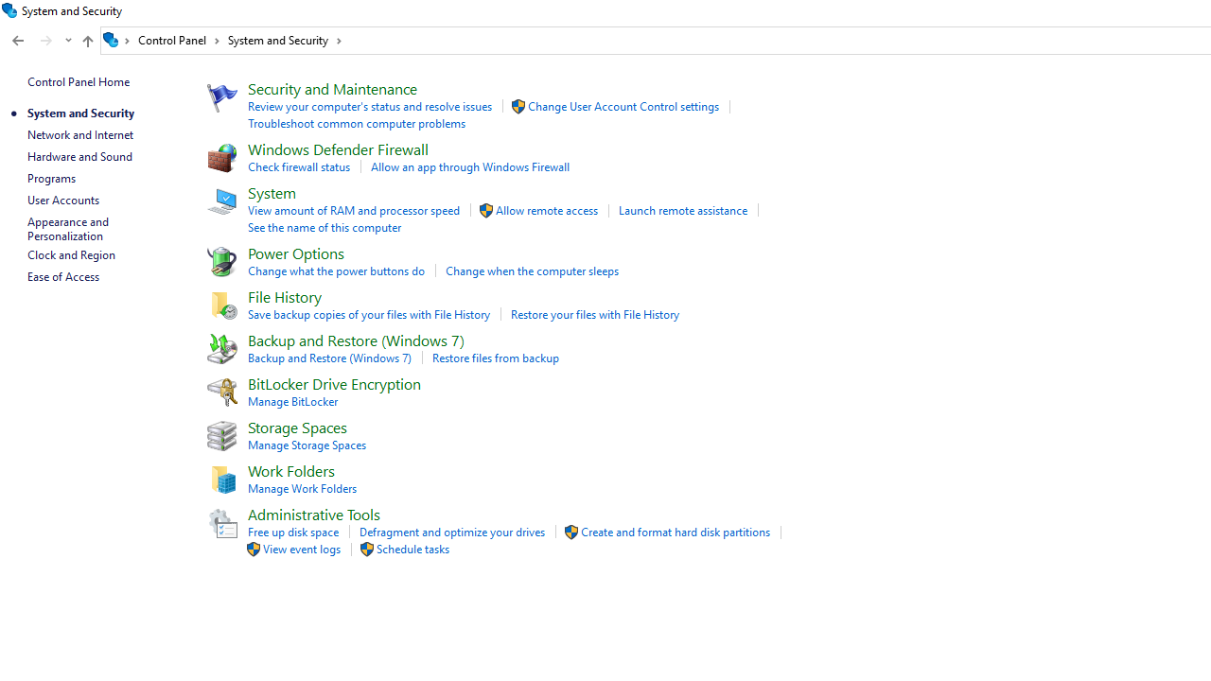 This screenshot has height=681, width=1211. What do you see at coordinates (219, 521) in the screenshot?
I see `'Icon'` at bounding box center [219, 521].